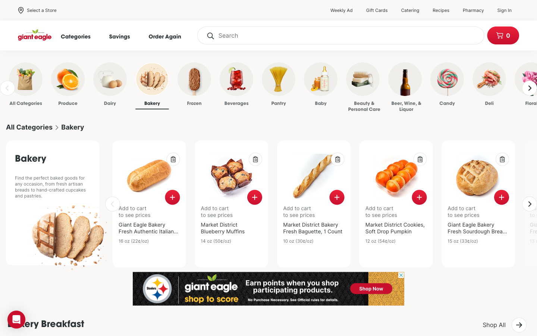  What do you see at coordinates (502, 35) in the screenshot?
I see `Check the items stored in the cart` at bounding box center [502, 35].